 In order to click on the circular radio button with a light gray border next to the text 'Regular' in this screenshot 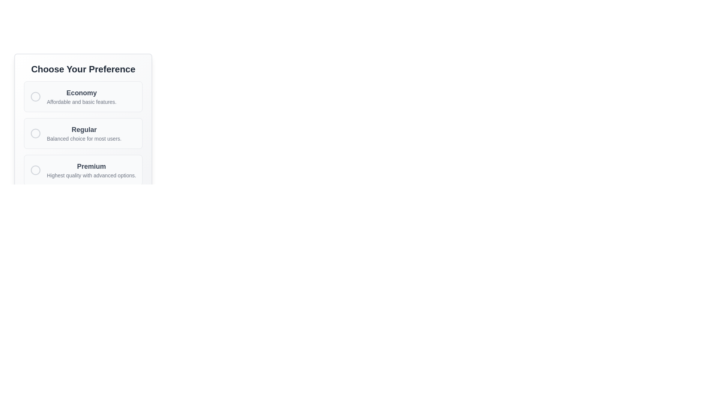, I will do `click(35, 133)`.